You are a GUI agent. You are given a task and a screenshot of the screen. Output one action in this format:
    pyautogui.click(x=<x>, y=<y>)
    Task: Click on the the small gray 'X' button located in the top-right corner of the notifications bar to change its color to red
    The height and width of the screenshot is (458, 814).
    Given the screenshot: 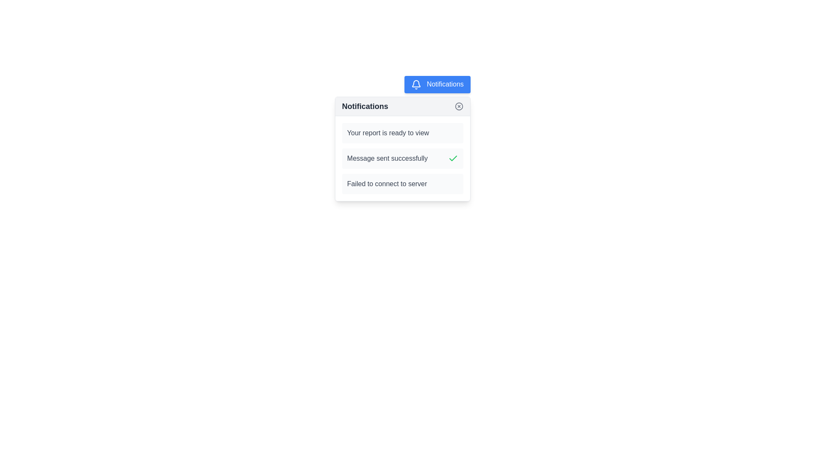 What is the action you would take?
    pyautogui.click(x=458, y=106)
    